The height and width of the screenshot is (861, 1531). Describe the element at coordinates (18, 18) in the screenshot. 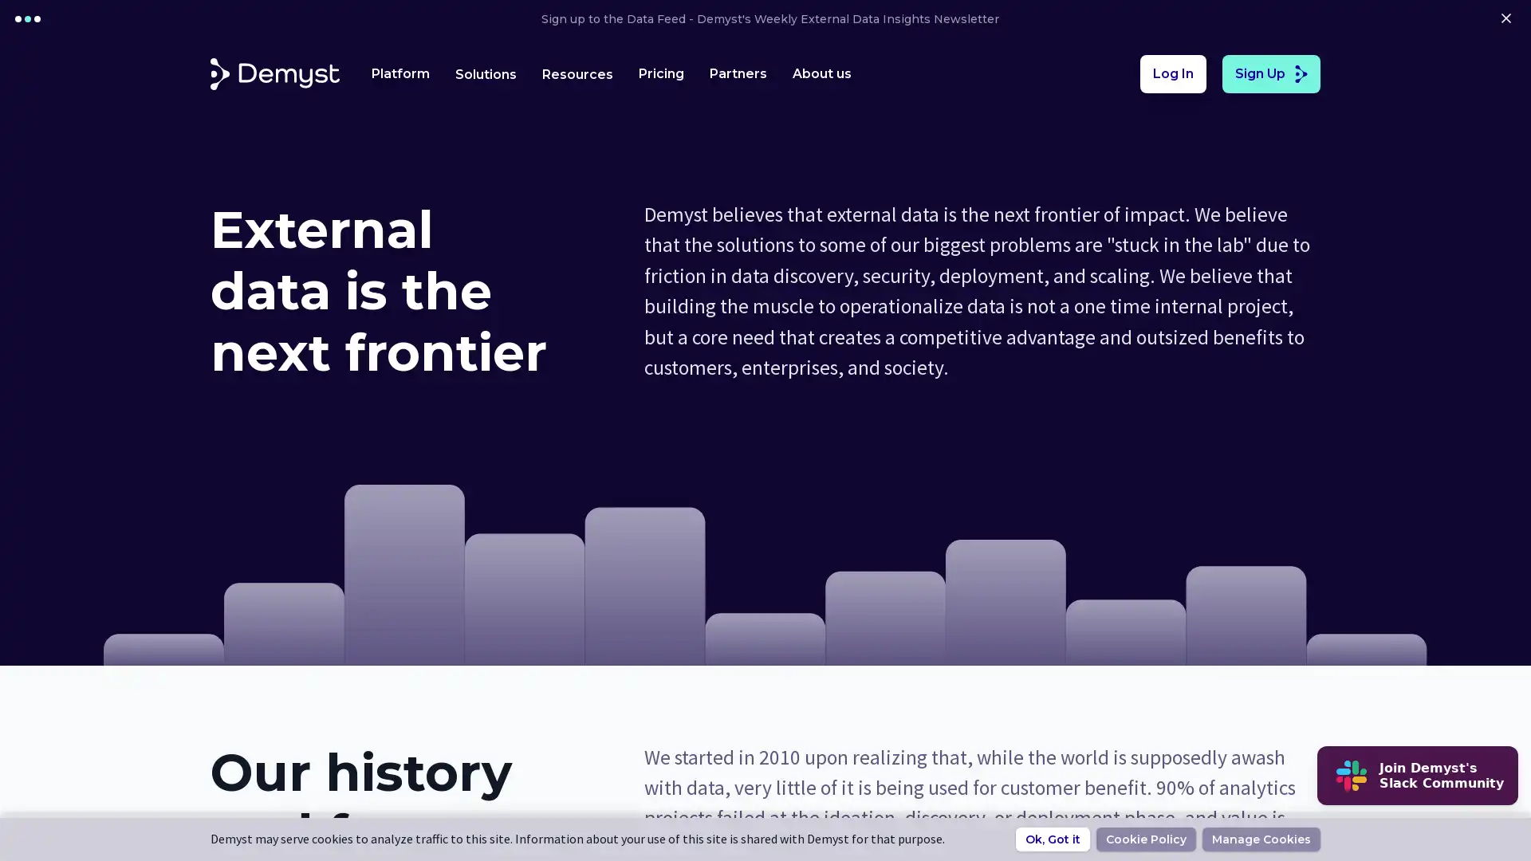

I see `Banner control button 0` at that location.